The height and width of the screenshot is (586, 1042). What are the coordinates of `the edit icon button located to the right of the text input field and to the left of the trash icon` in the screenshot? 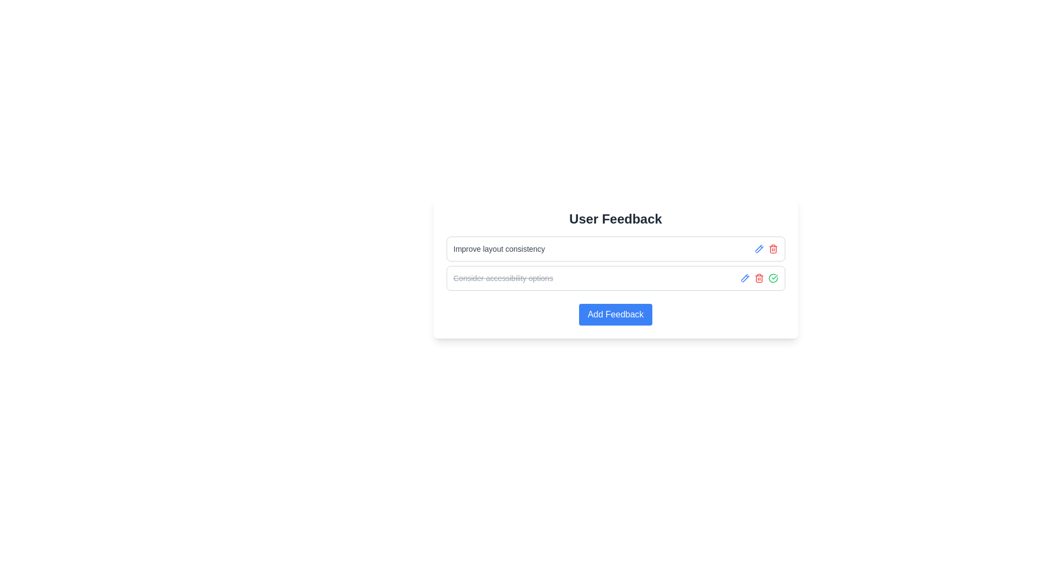 It's located at (744, 278).